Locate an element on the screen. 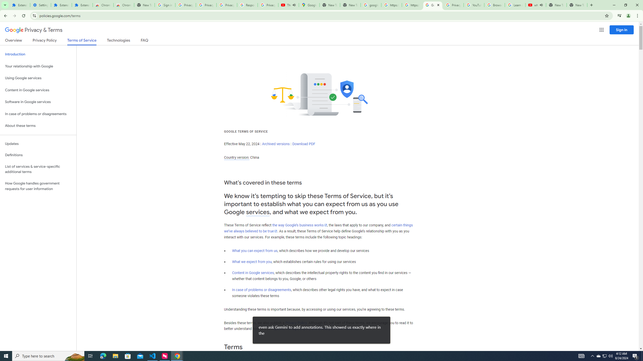 Image resolution: width=643 pixels, height=361 pixels. 'Download PDF' is located at coordinates (303, 143).